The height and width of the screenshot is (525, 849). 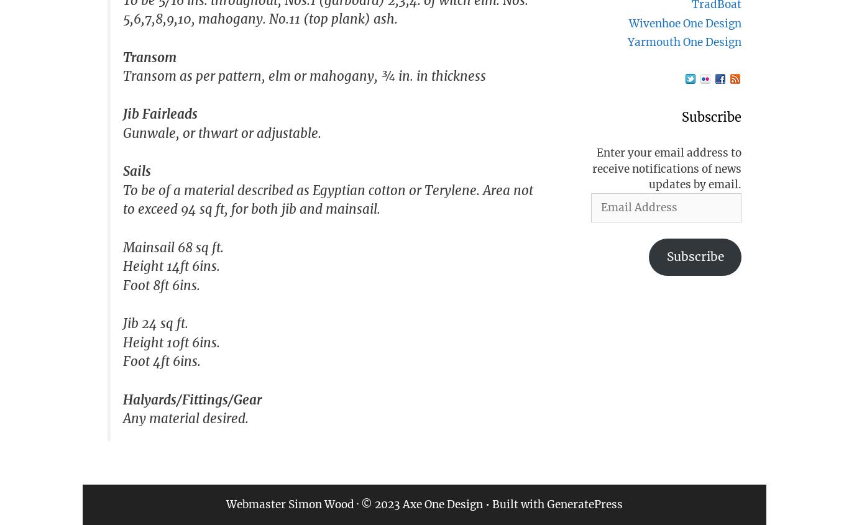 I want to click on '© 2023 Axe One Design', so click(x=421, y=504).